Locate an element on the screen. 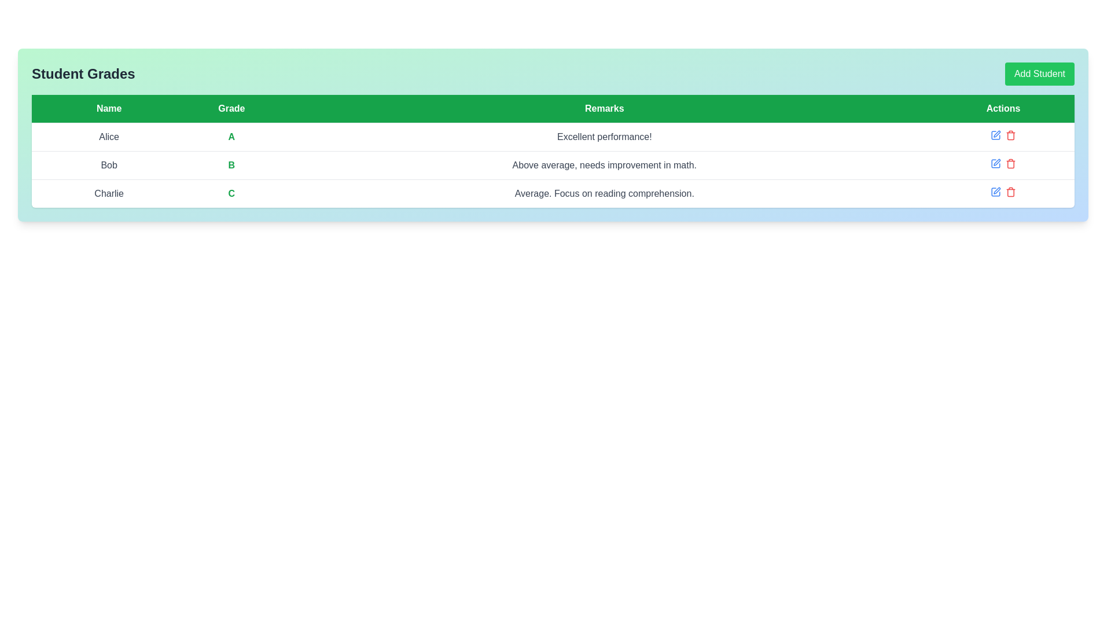  the 'Alice' text label in the first row and first column of the table to potentially reveal more information is located at coordinates (109, 136).